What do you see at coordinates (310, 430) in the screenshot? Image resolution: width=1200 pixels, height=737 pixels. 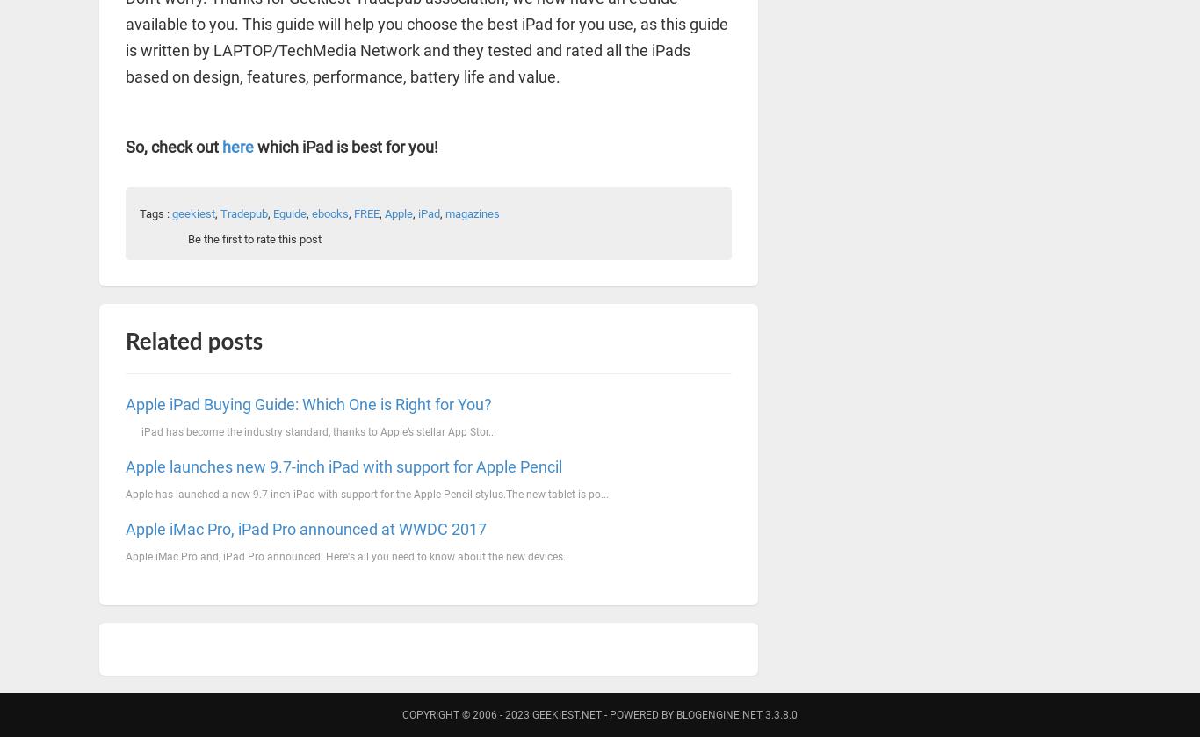 I see `'iPad has become the industry standard, thanks to Apple’s stellar App Stor...'` at bounding box center [310, 430].